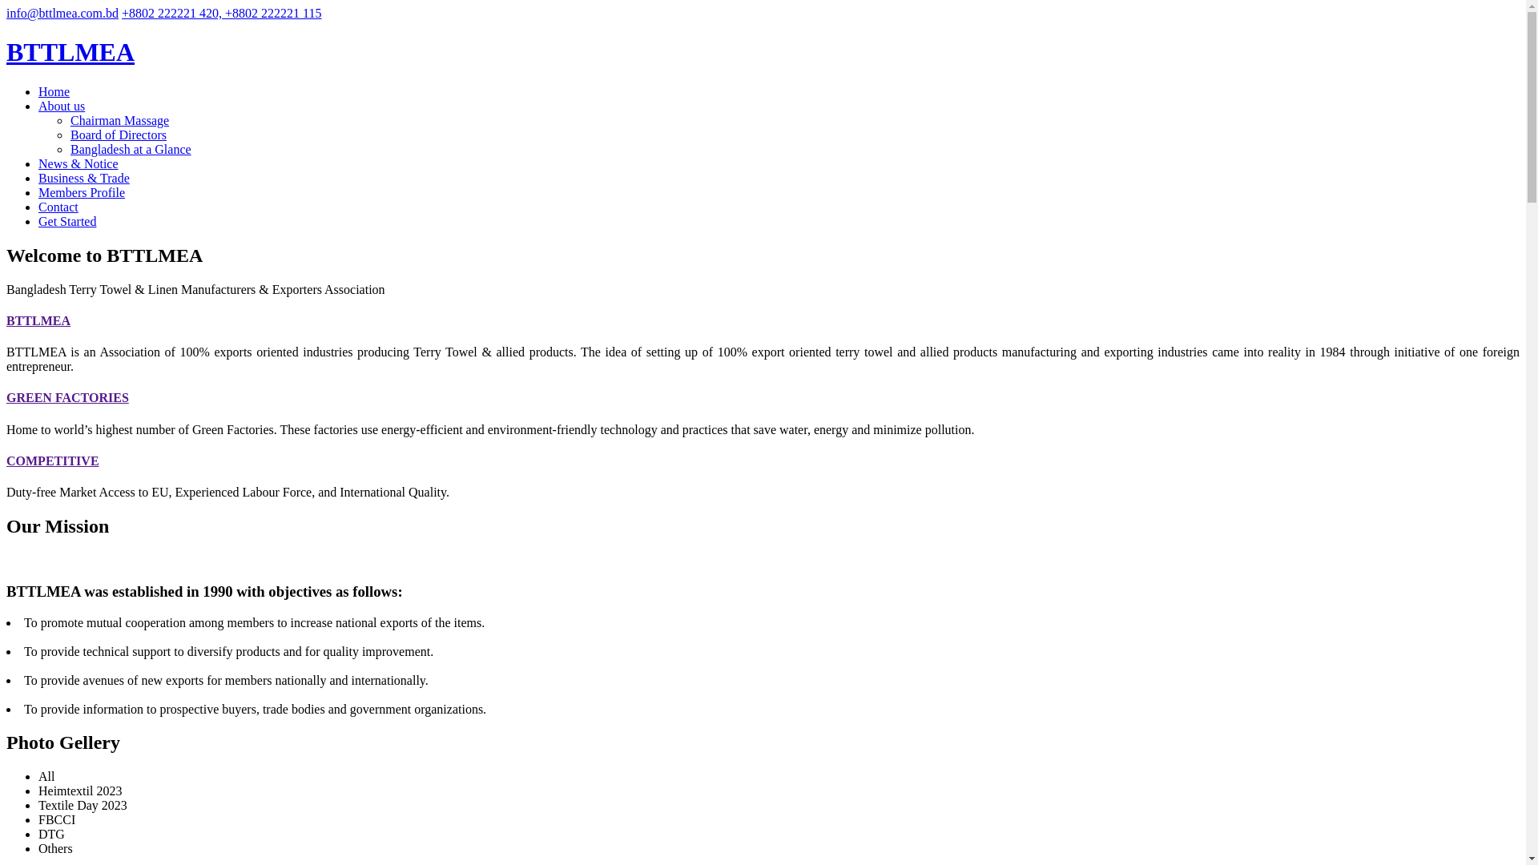 The image size is (1538, 865). Describe the element at coordinates (38, 206) in the screenshot. I see `'Contact'` at that location.